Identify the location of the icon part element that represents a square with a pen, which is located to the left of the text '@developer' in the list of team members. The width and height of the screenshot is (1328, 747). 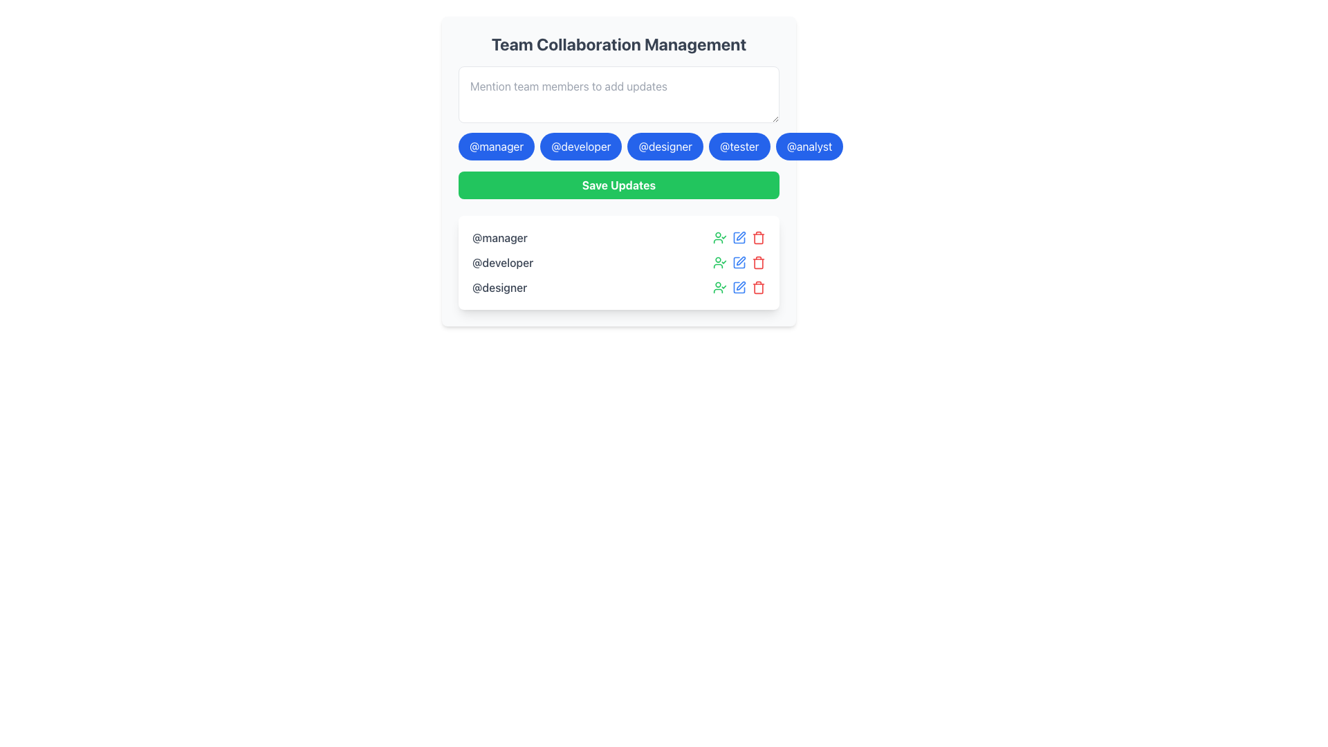
(739, 263).